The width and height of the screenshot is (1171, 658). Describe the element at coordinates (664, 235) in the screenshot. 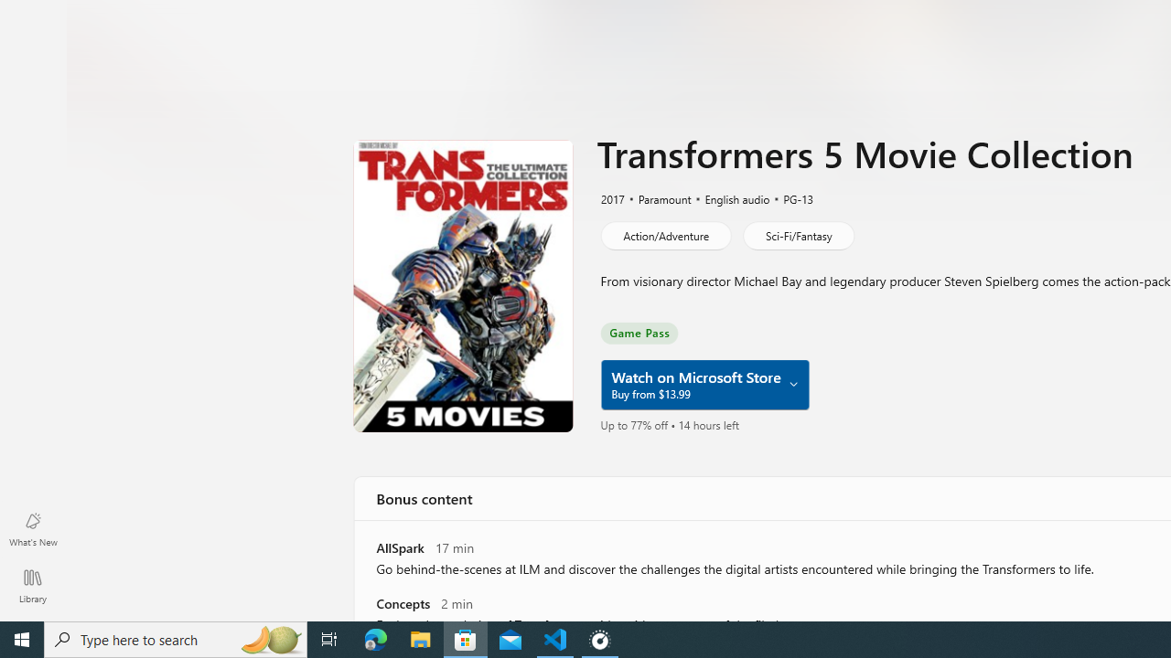

I see `'Action/Adventure'` at that location.